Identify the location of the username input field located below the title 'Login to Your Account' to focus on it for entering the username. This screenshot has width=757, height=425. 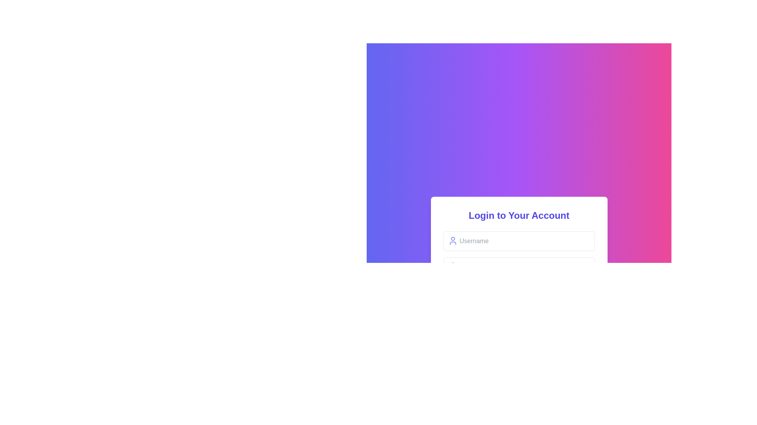
(519, 241).